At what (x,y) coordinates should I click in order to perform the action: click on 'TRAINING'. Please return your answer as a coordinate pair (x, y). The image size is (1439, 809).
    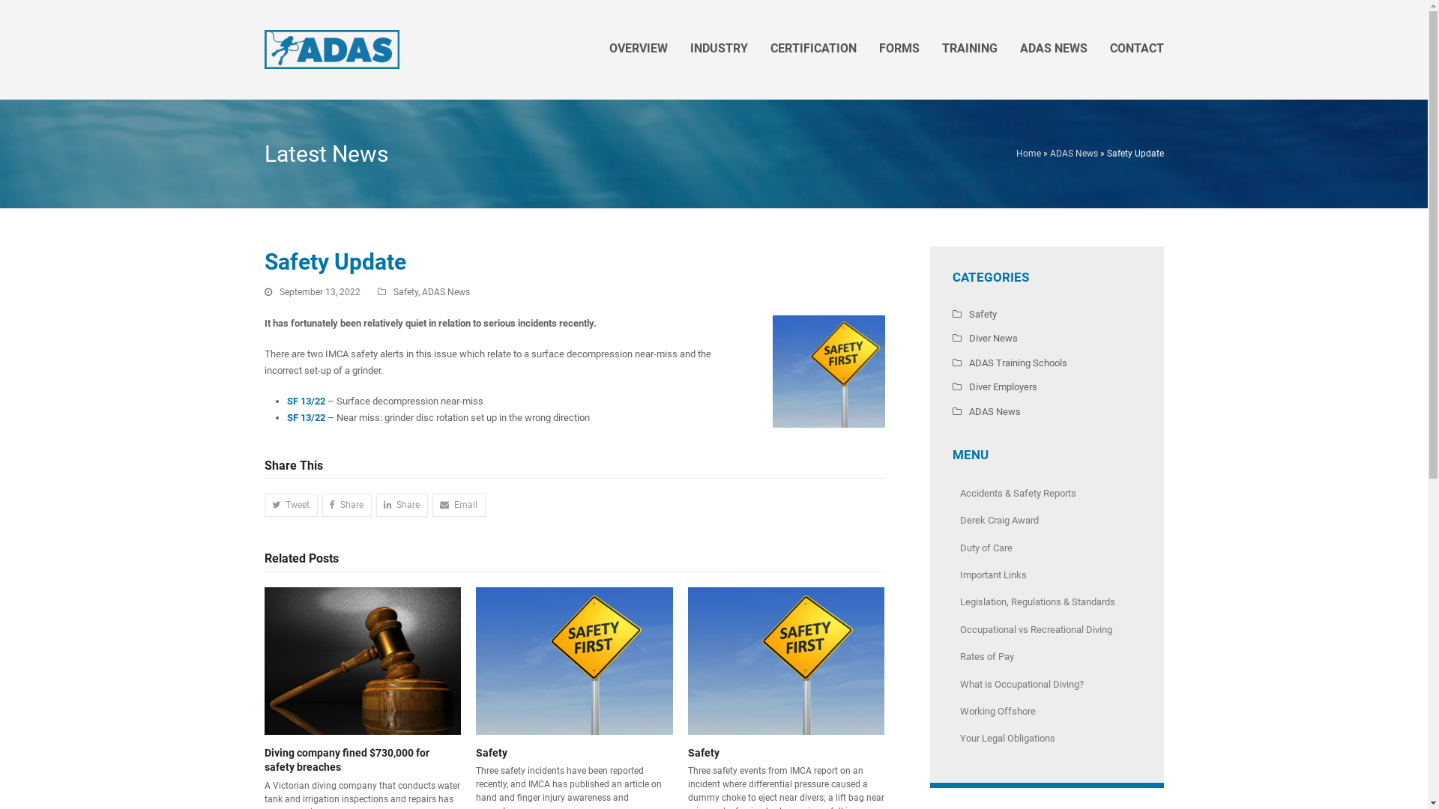
    Looking at the image, I should click on (970, 48).